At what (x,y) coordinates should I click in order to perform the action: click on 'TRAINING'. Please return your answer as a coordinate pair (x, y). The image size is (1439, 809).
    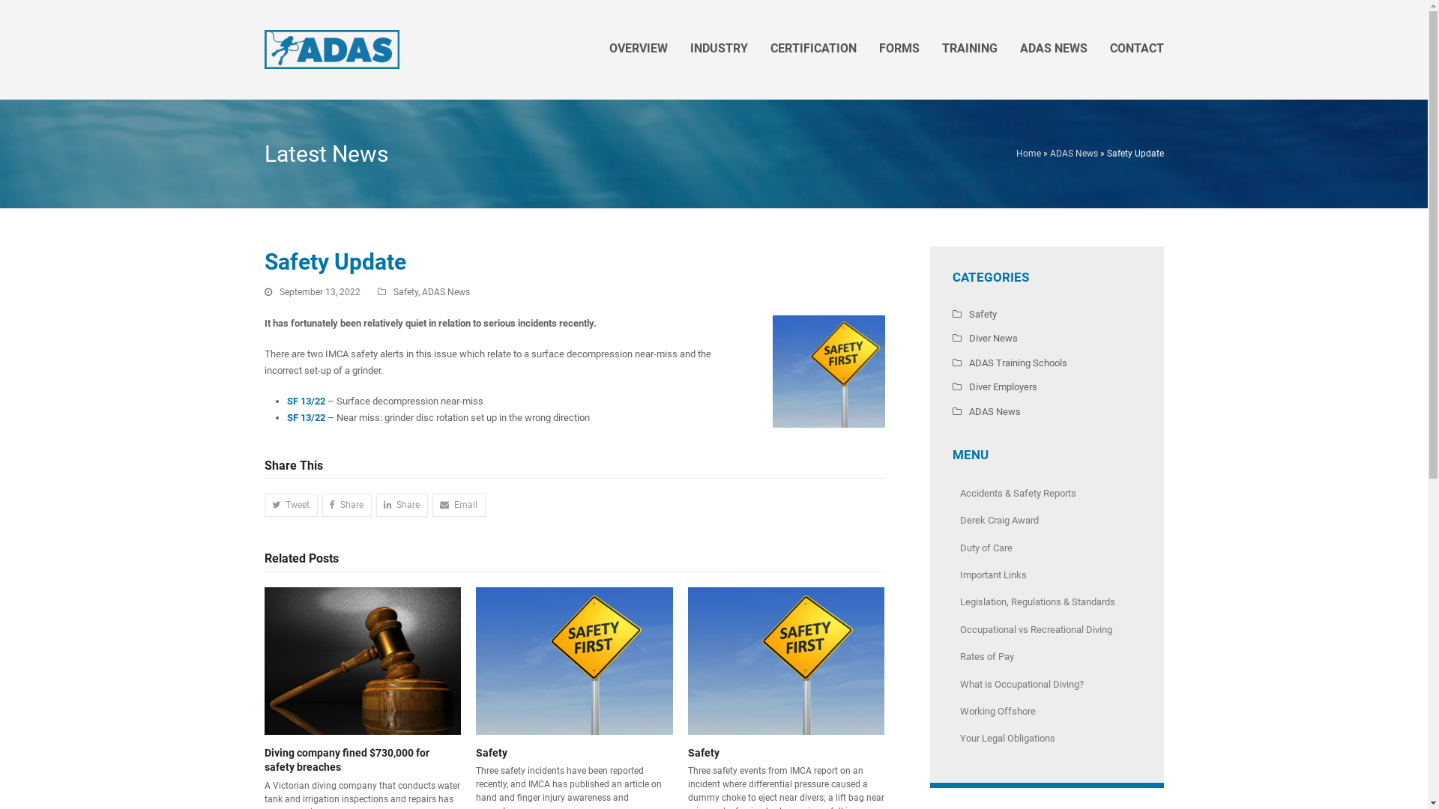
    Looking at the image, I should click on (970, 48).